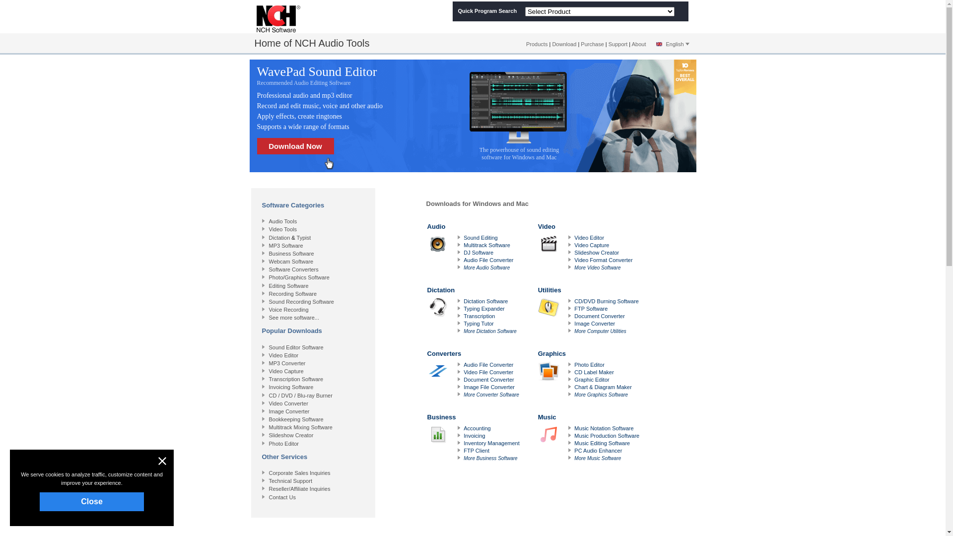 This screenshot has width=953, height=536. What do you see at coordinates (490, 331) in the screenshot?
I see `'More Dictation Software'` at bounding box center [490, 331].